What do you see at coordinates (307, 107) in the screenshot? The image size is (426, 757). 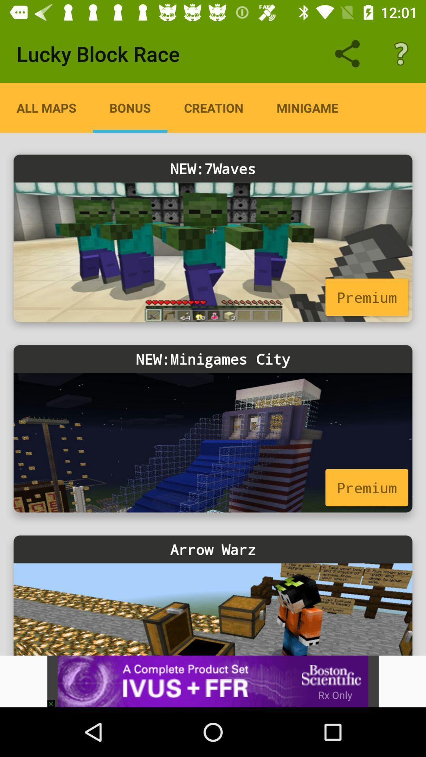 I see `the app next to the creation icon` at bounding box center [307, 107].